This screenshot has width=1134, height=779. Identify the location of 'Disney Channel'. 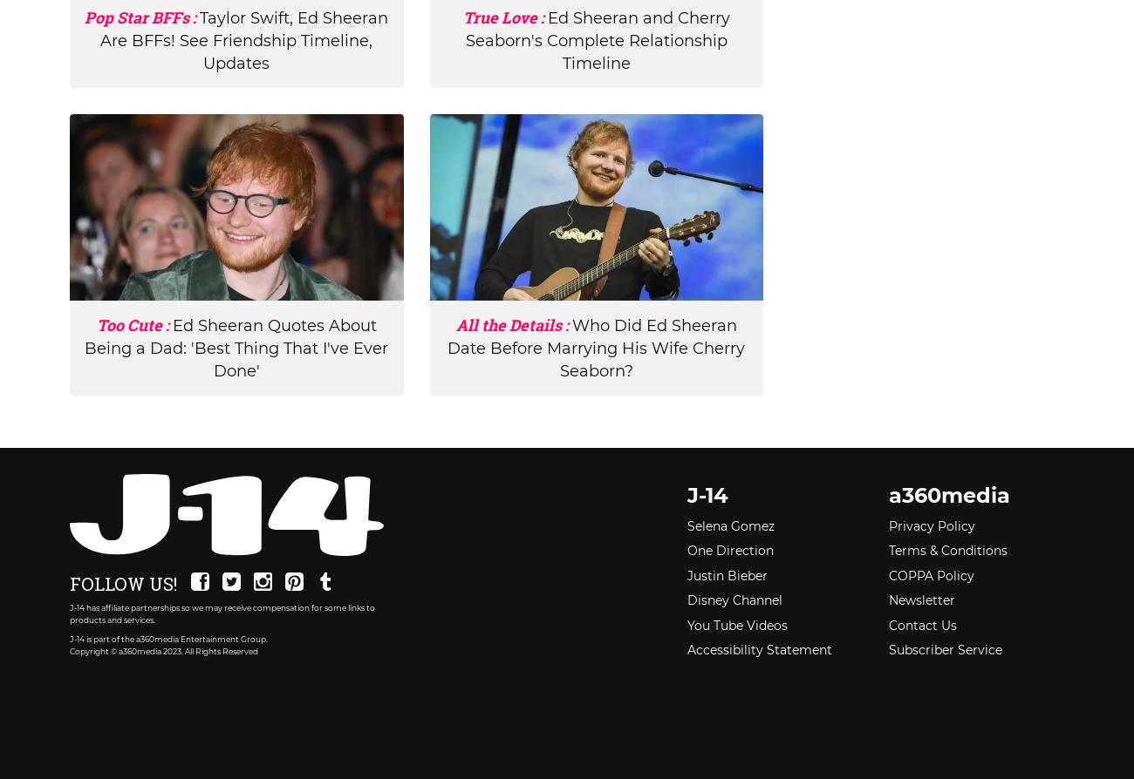
(734, 599).